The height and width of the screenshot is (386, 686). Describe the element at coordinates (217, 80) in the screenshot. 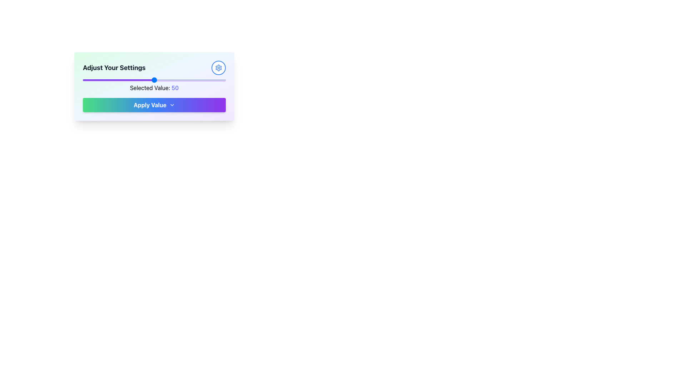

I see `the slider` at that location.